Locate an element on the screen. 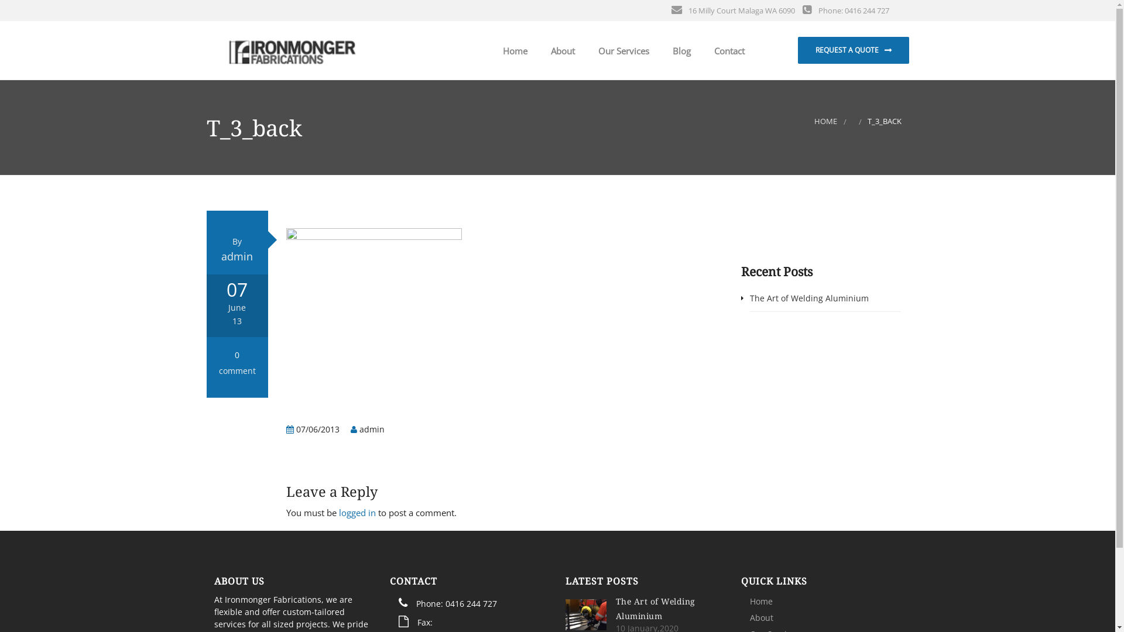  'About' is located at coordinates (536, 50).